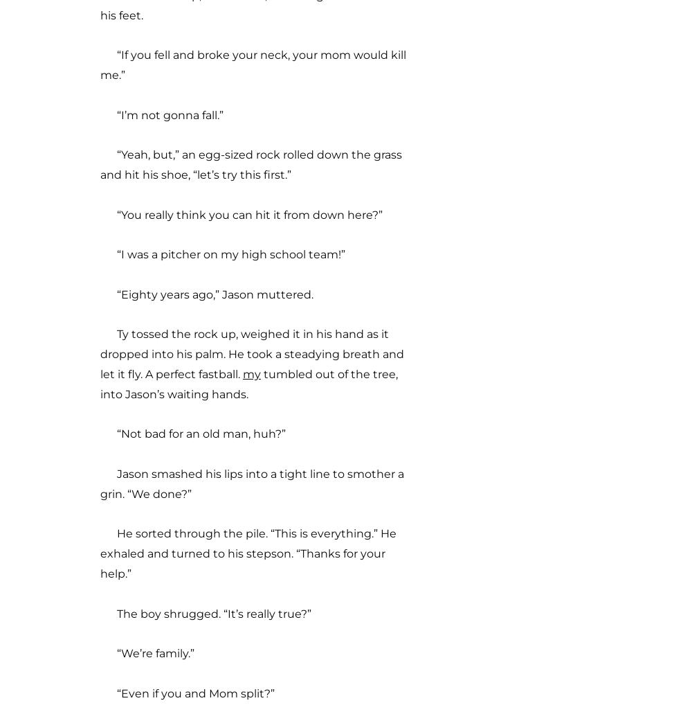 This screenshot has width=692, height=721. I want to click on '“We’re family.”', so click(147, 653).